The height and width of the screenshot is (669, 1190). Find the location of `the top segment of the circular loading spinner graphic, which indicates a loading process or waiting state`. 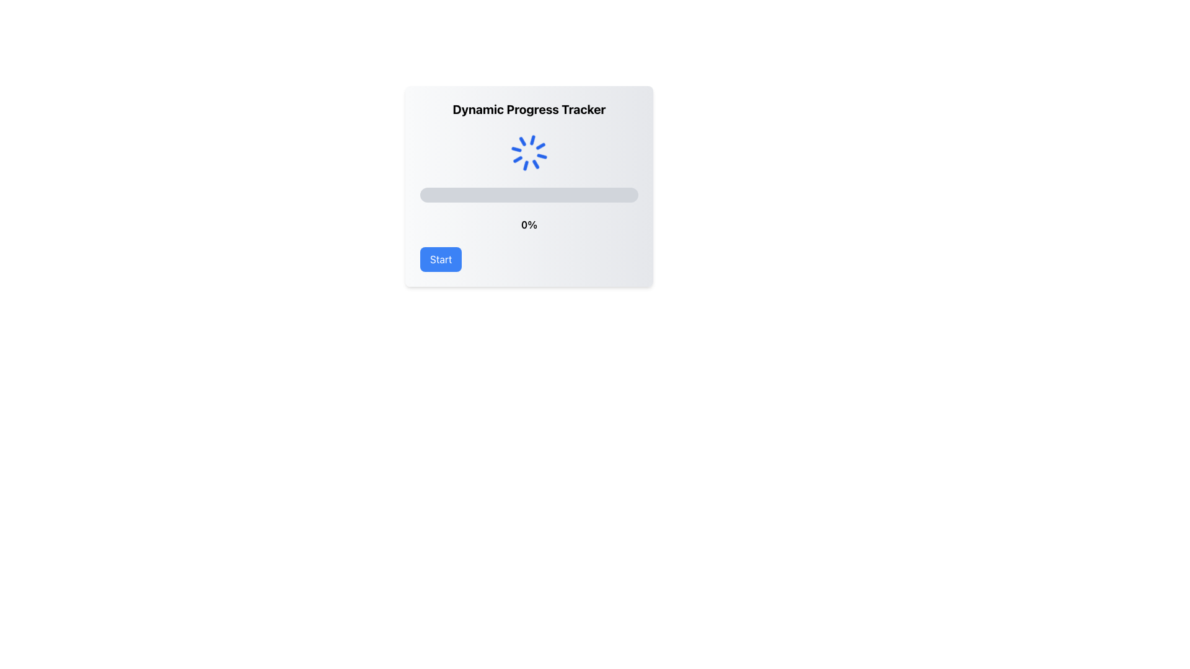

the top segment of the circular loading spinner graphic, which indicates a loading process or waiting state is located at coordinates (533, 165).